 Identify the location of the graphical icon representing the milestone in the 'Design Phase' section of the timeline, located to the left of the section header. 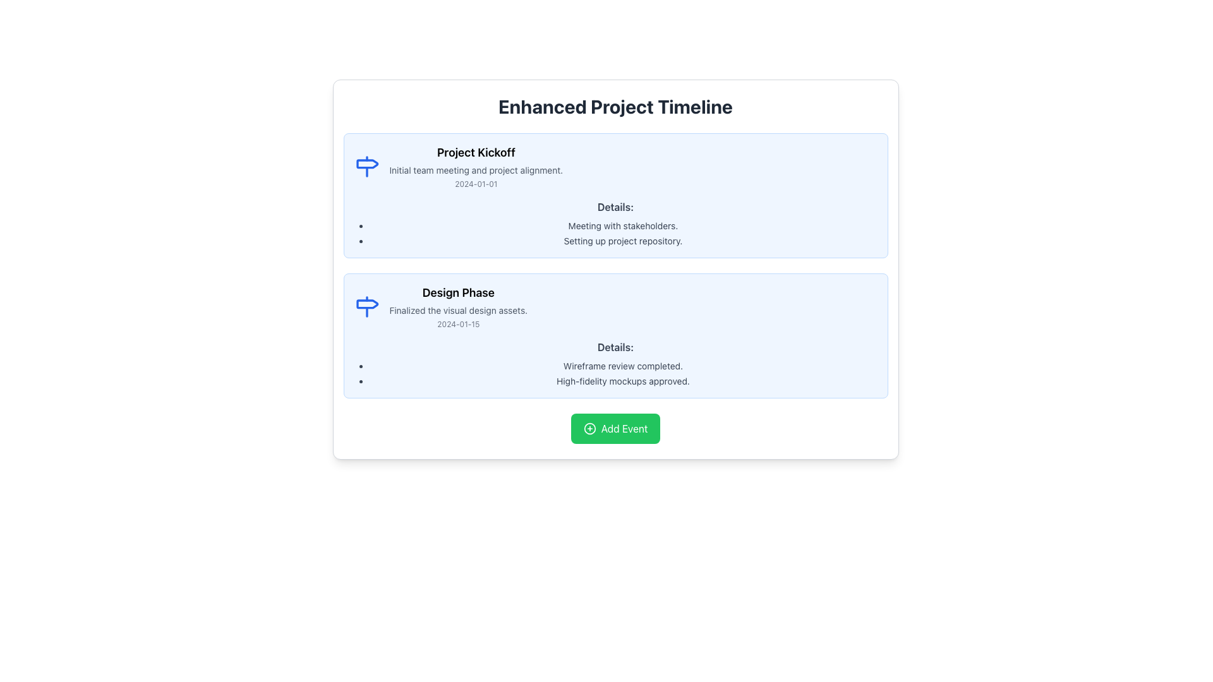
(366, 304).